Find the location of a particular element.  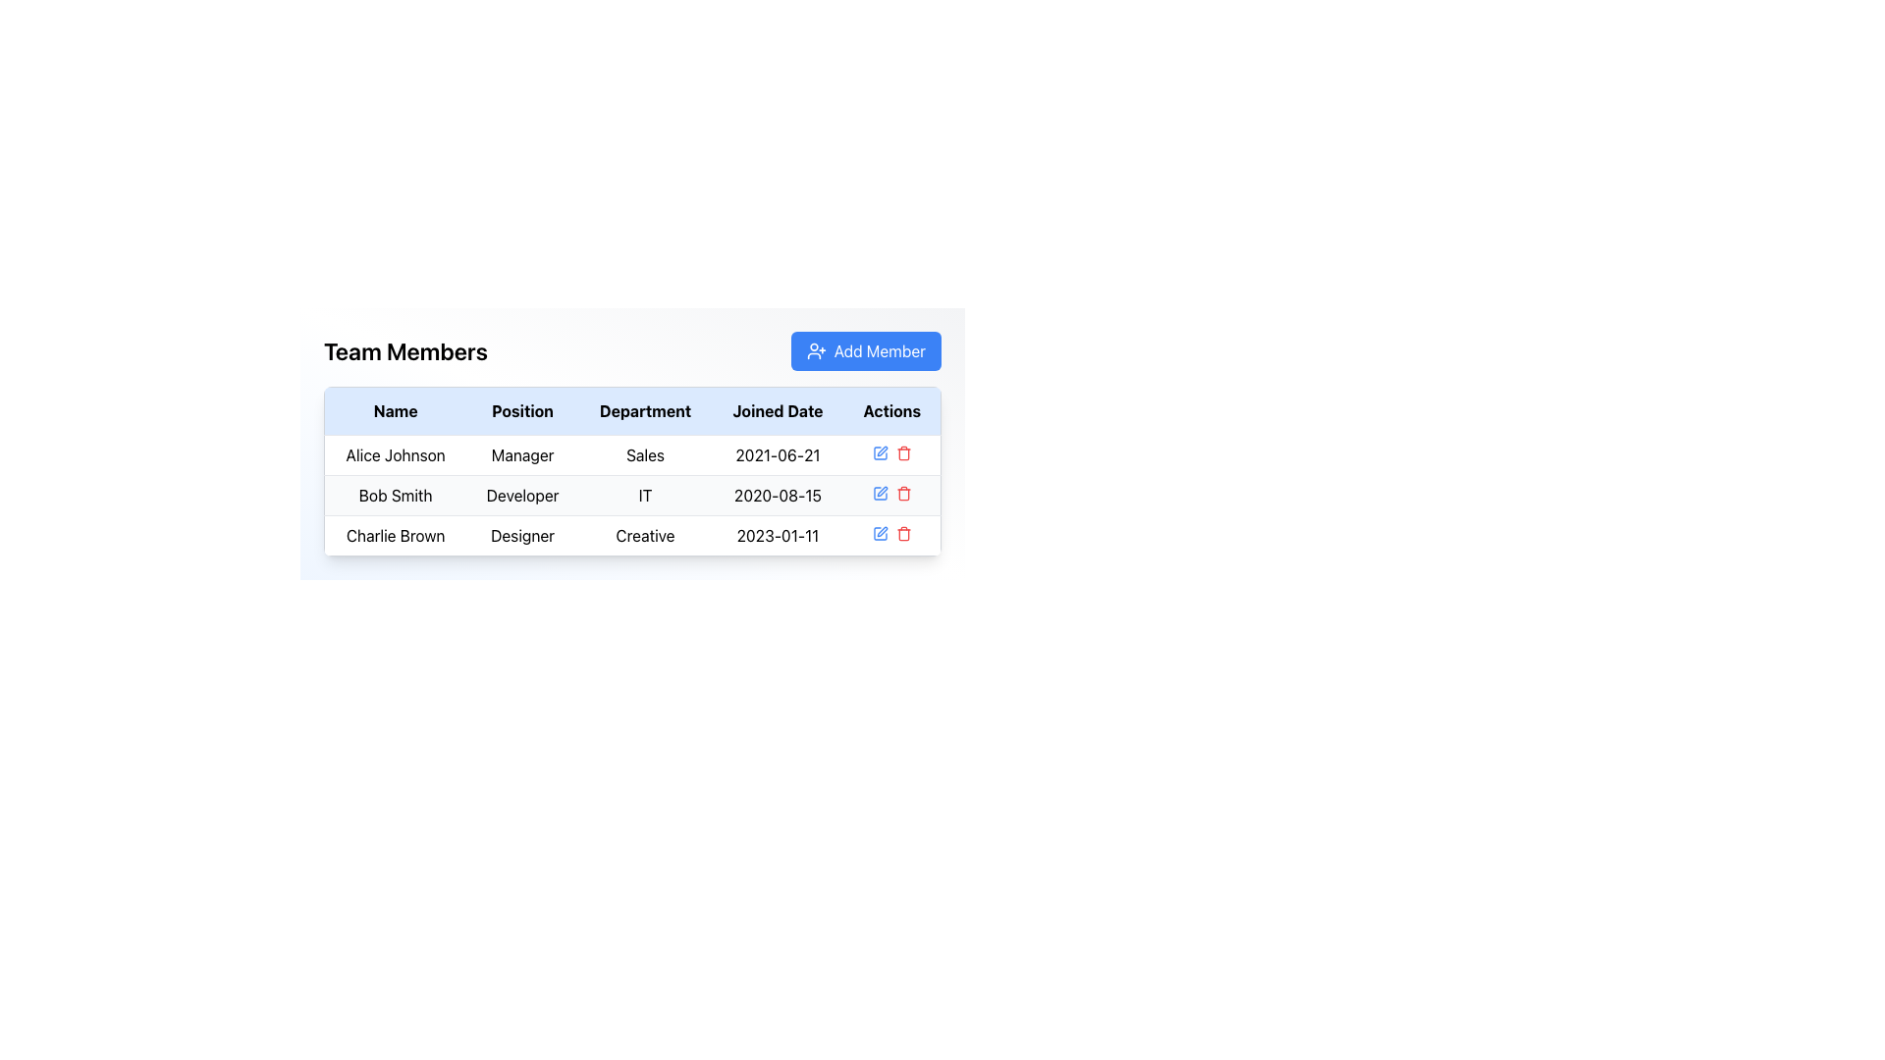

the first icon button in the 'Actions' column of the table is located at coordinates (879, 533).